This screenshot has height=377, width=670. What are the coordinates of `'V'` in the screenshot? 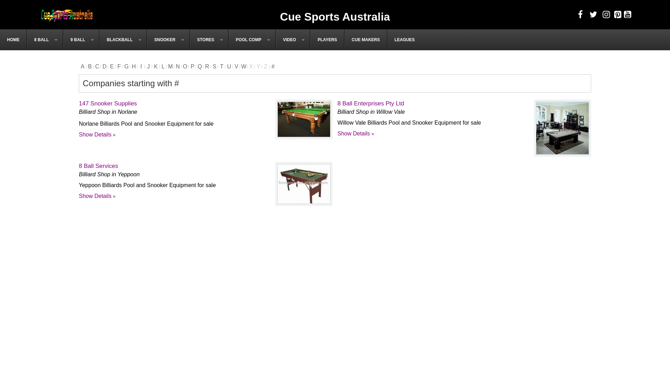 It's located at (233, 66).